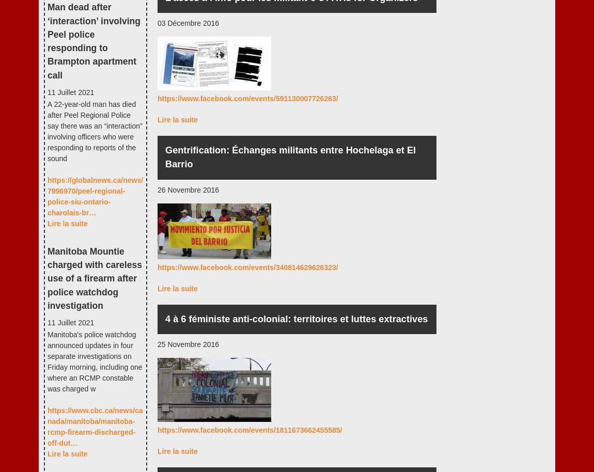 The image size is (594, 472). Describe the element at coordinates (188, 22) in the screenshot. I see `'03 Décembre 2016'` at that location.